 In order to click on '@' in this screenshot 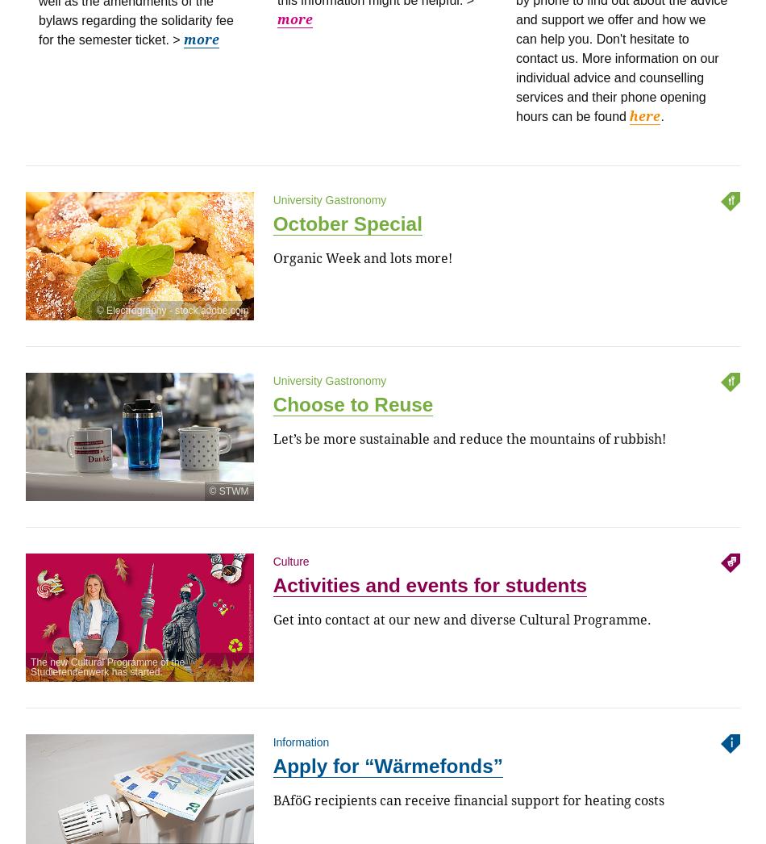, I will do `click(284, 702)`.